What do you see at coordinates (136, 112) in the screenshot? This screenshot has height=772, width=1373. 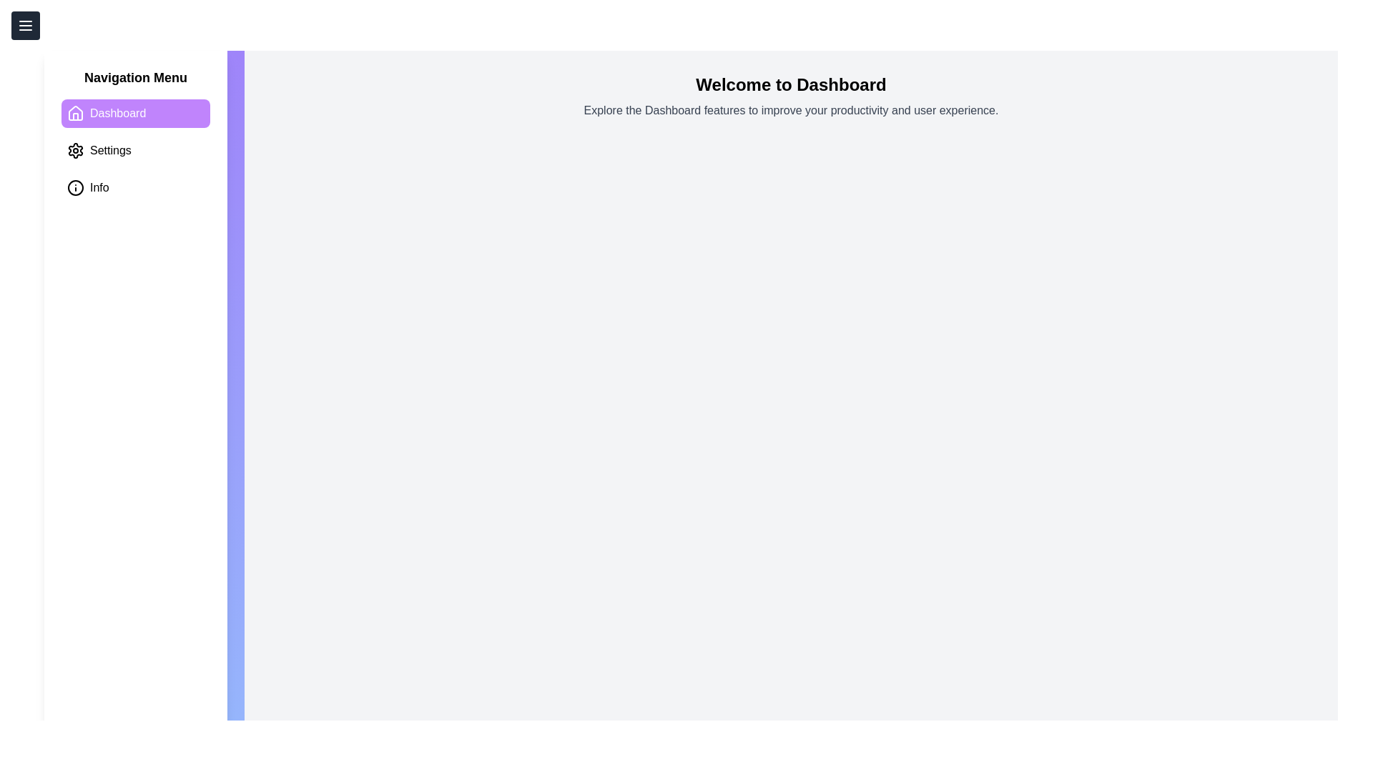 I see `the tab Dashboard in the navigation menu` at bounding box center [136, 112].